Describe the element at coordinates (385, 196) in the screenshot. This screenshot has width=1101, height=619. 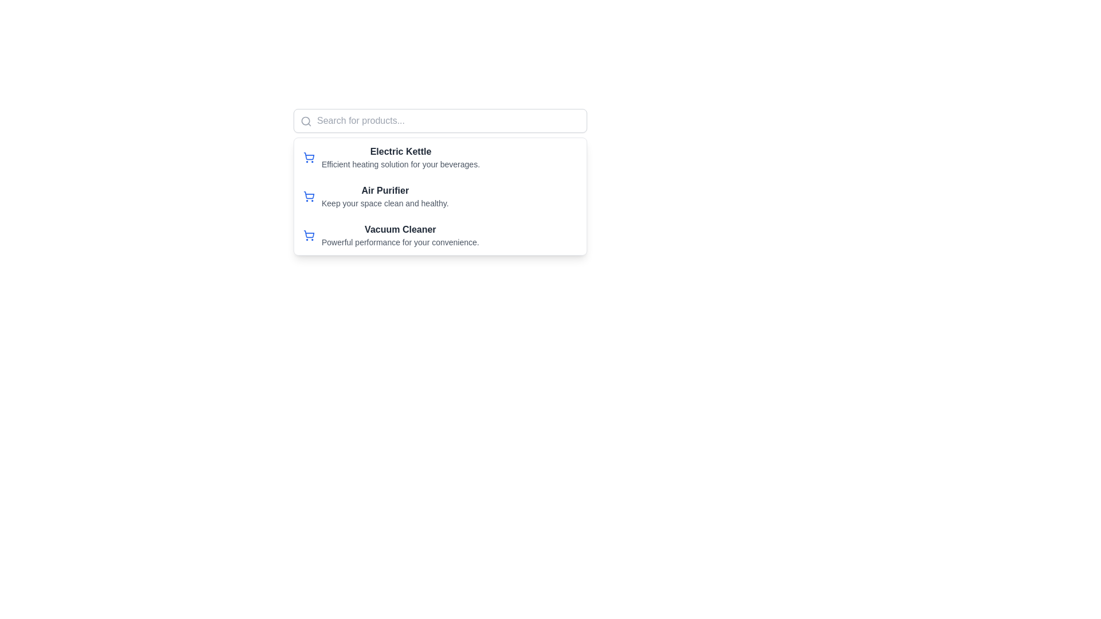
I see `the static display text element titled 'Air Purifier' which includes the description 'Keep your space clean and healthy.'` at that location.